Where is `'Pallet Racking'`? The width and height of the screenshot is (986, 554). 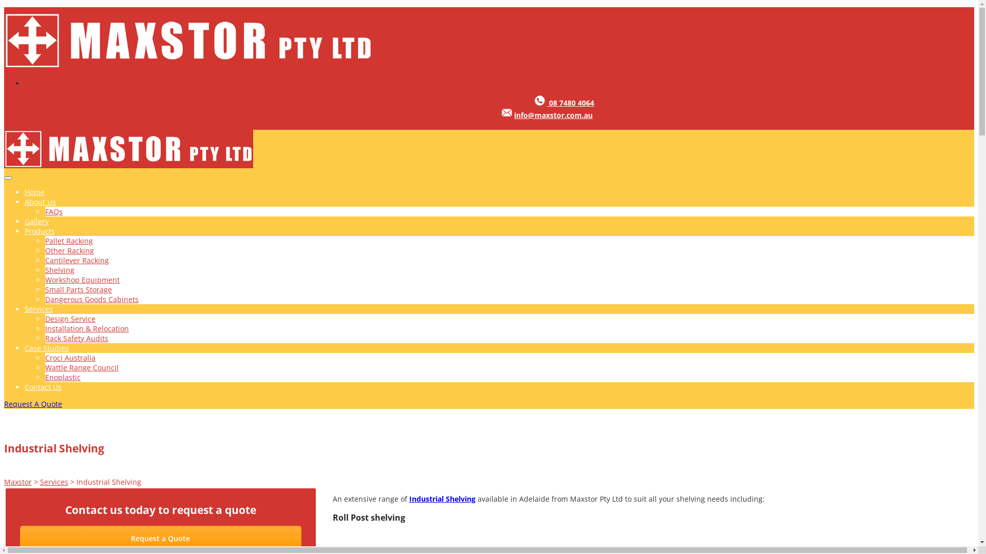
'Pallet Racking' is located at coordinates (68, 241).